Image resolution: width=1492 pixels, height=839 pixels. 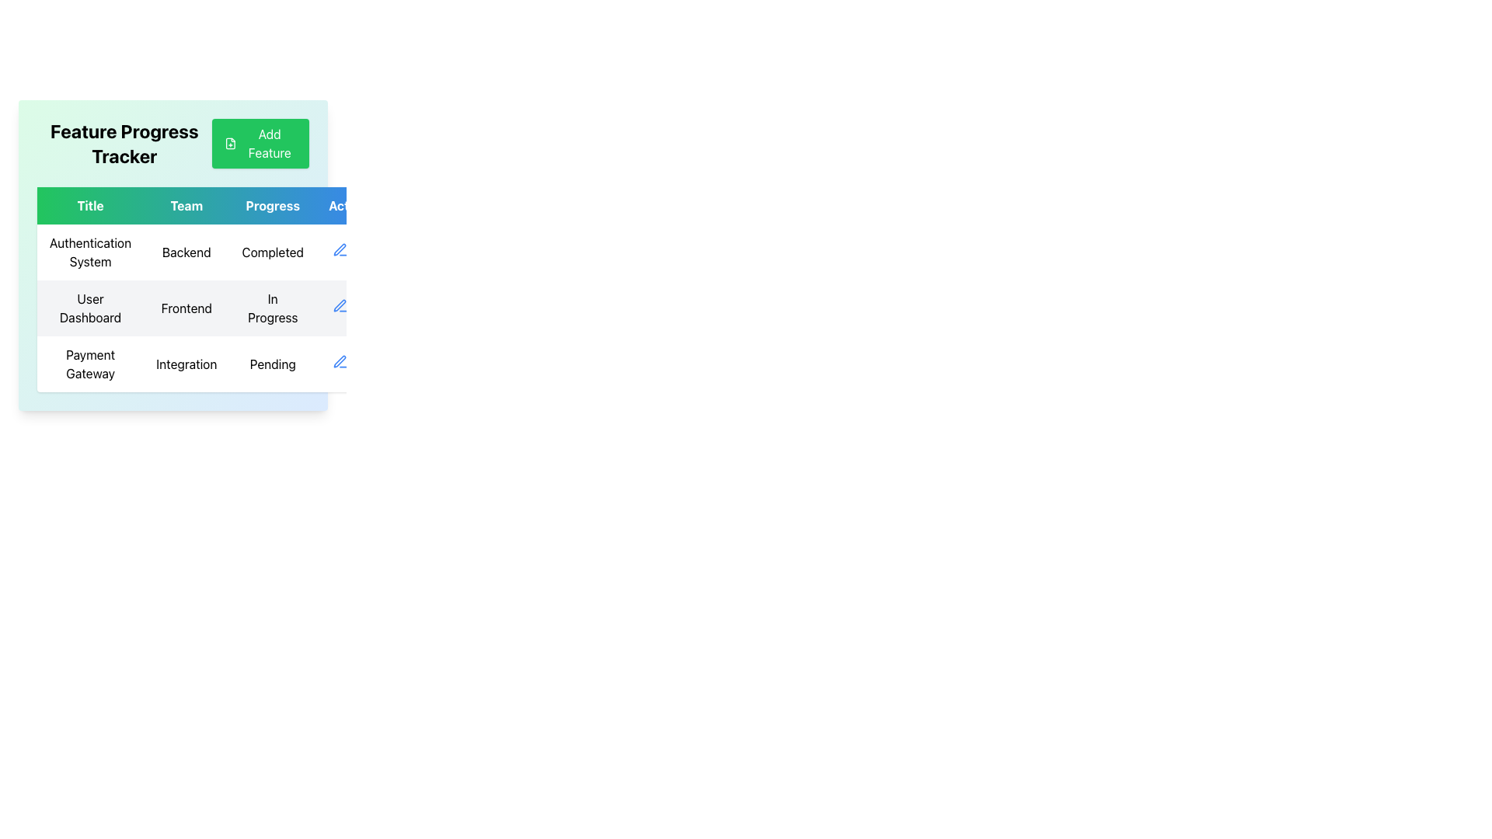 I want to click on the static text displaying 'In Progress', located in the third cell of the second row of the table, between 'Frontend' and an empty cell, so click(x=273, y=308).